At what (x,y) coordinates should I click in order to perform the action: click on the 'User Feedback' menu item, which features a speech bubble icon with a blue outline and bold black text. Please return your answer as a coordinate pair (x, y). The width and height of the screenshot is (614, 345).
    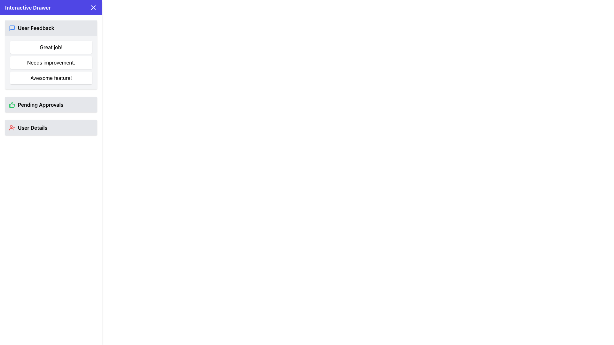
    Looking at the image, I should click on (31, 28).